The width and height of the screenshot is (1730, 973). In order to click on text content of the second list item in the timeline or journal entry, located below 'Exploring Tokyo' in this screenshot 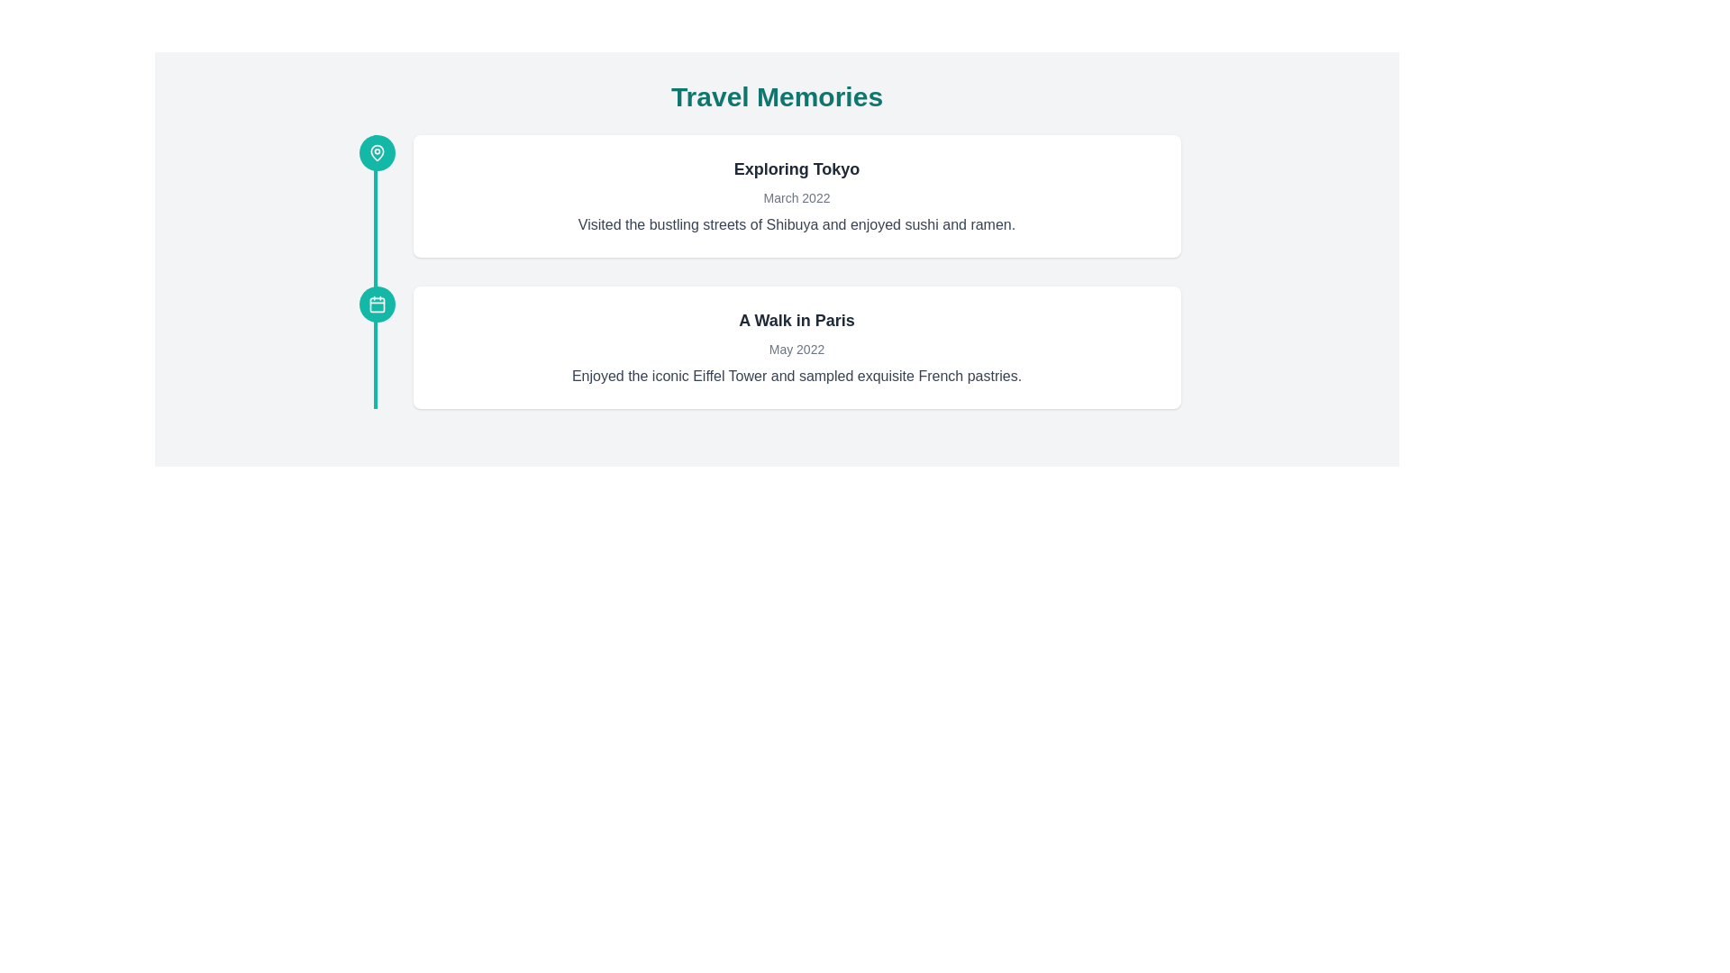, I will do `click(796, 347)`.